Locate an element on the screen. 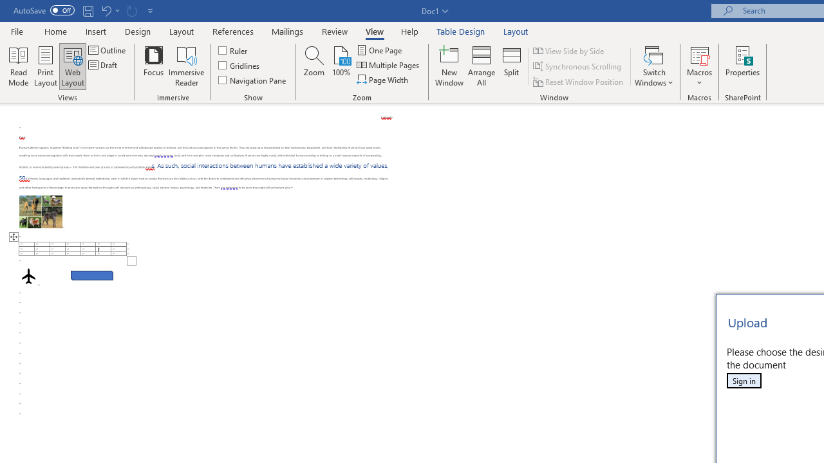 This screenshot has height=463, width=824. 'View Side by Side' is located at coordinates (569, 50).